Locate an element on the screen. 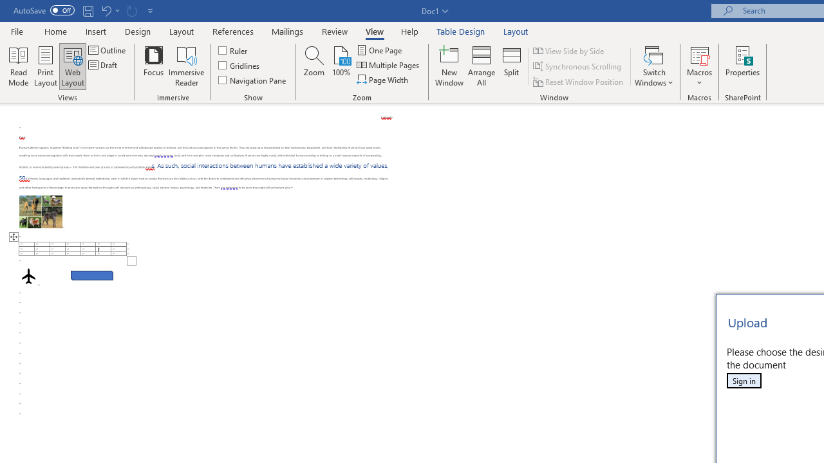 This screenshot has height=463, width=824. 'View Side by Side' is located at coordinates (569, 50).